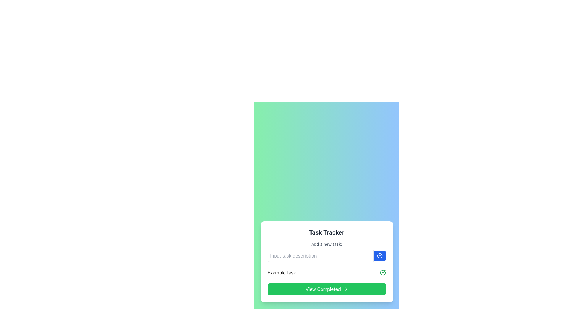  I want to click on the navigation icon located at the end of the 'View Completed' green button, so click(345, 289).